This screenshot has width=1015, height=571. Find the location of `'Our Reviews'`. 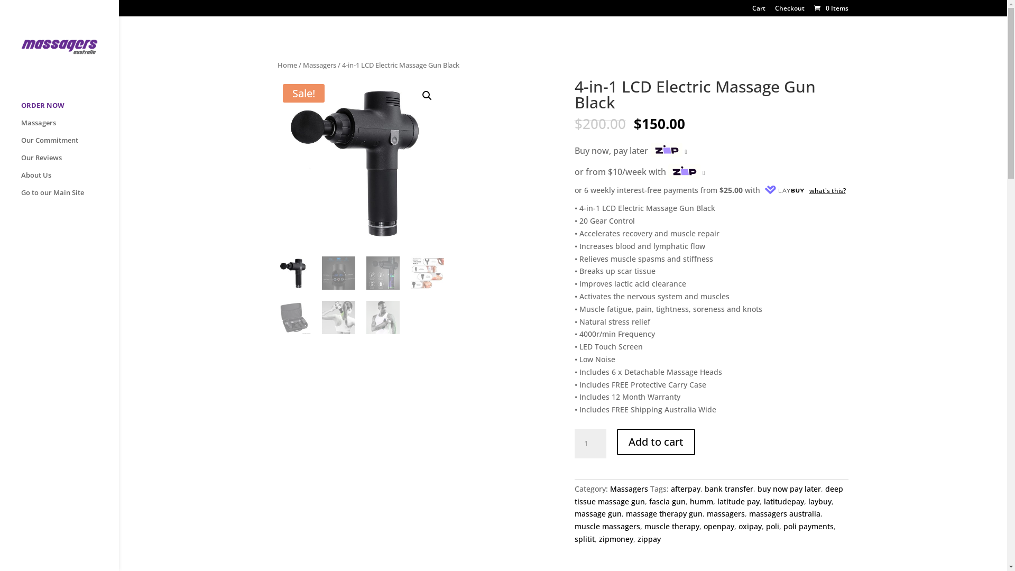

'Our Reviews' is located at coordinates (69, 162).